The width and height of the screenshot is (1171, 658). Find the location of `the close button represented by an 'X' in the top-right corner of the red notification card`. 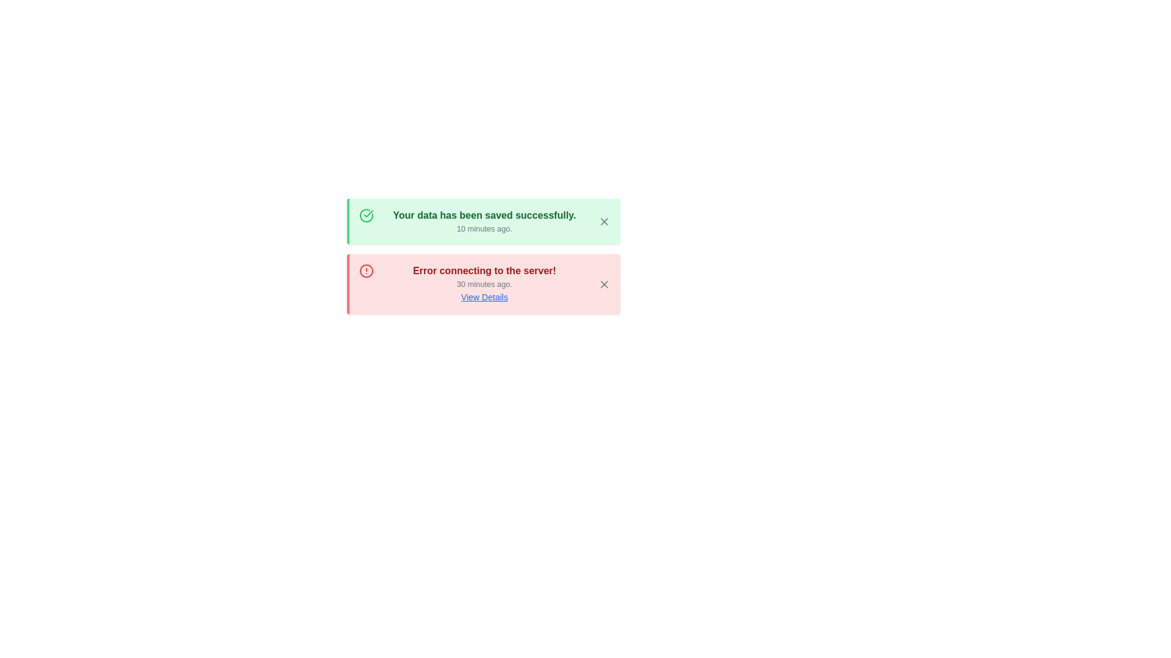

the close button represented by an 'X' in the top-right corner of the red notification card is located at coordinates (604, 284).